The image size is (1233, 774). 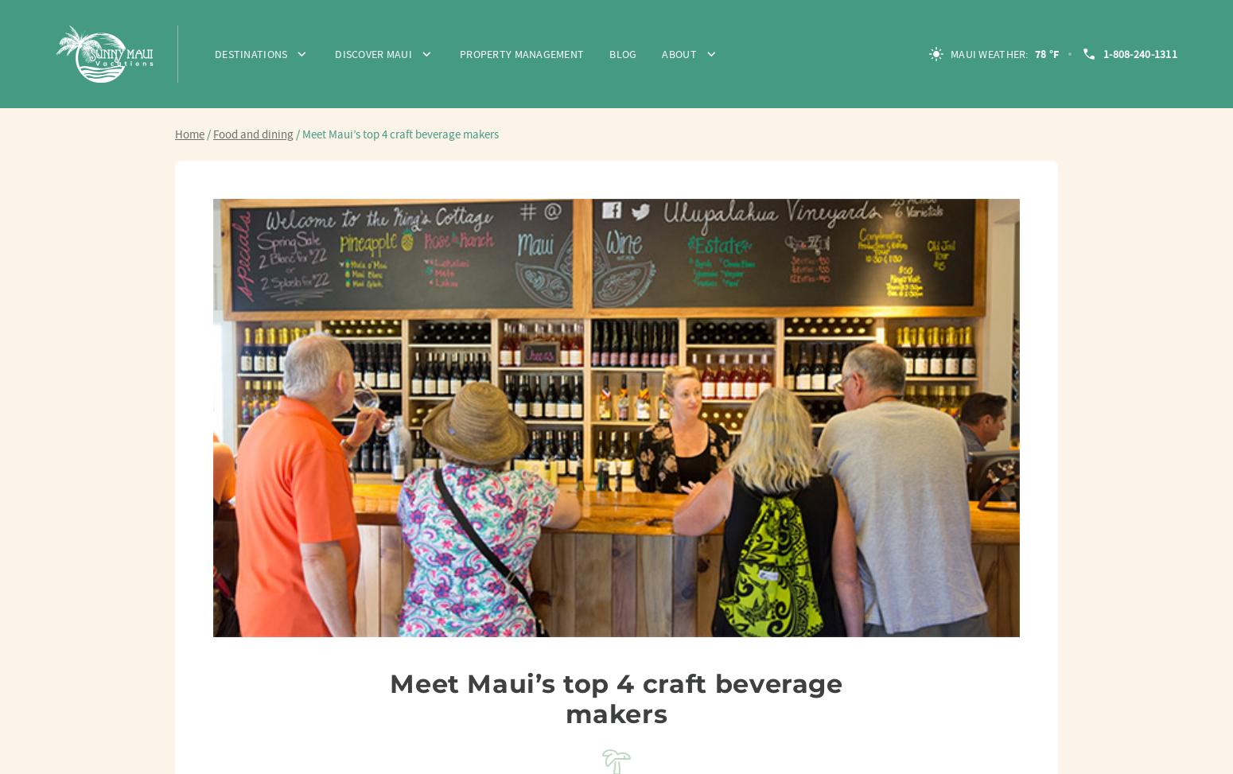 What do you see at coordinates (616, 698) in the screenshot?
I see `'Meet Maui’s top 4 craft beverage makers'` at bounding box center [616, 698].